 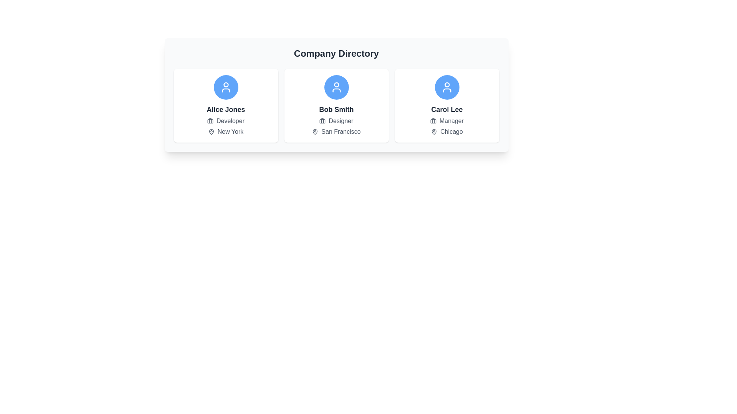 What do you see at coordinates (225, 109) in the screenshot?
I see `the static text label displaying 'Alice Jones' in bold, large dark gray font located in the first card of the 'Company Directory' section` at bounding box center [225, 109].